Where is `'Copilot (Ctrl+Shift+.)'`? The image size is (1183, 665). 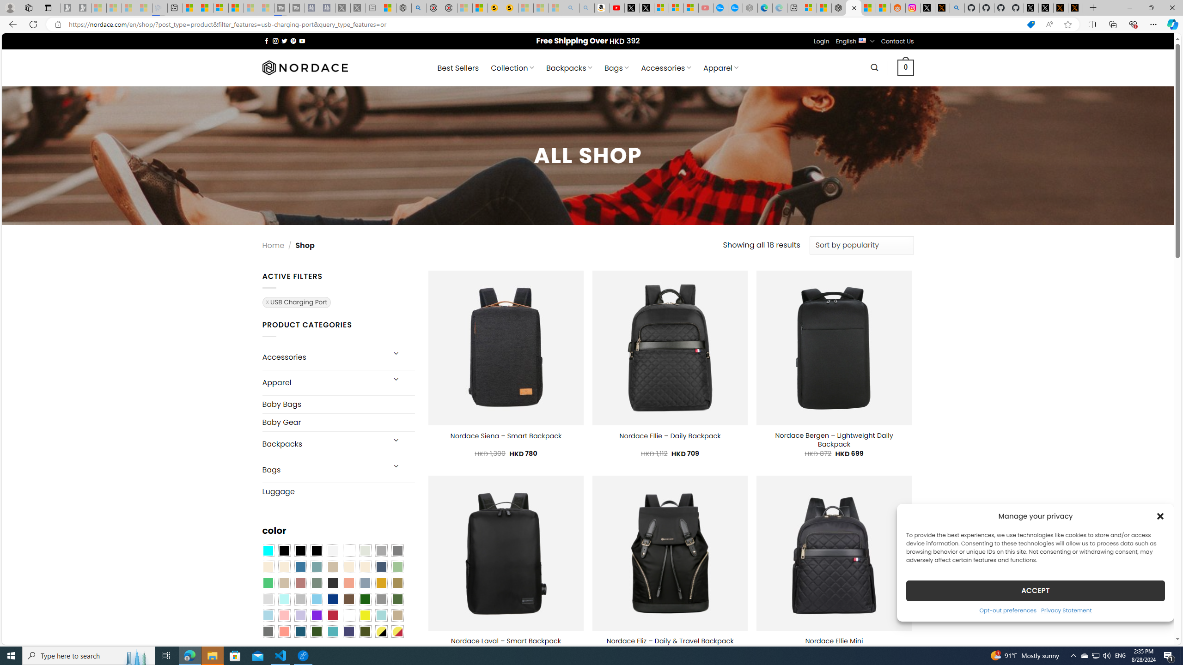
'Copilot (Ctrl+Shift+.)' is located at coordinates (1171, 24).